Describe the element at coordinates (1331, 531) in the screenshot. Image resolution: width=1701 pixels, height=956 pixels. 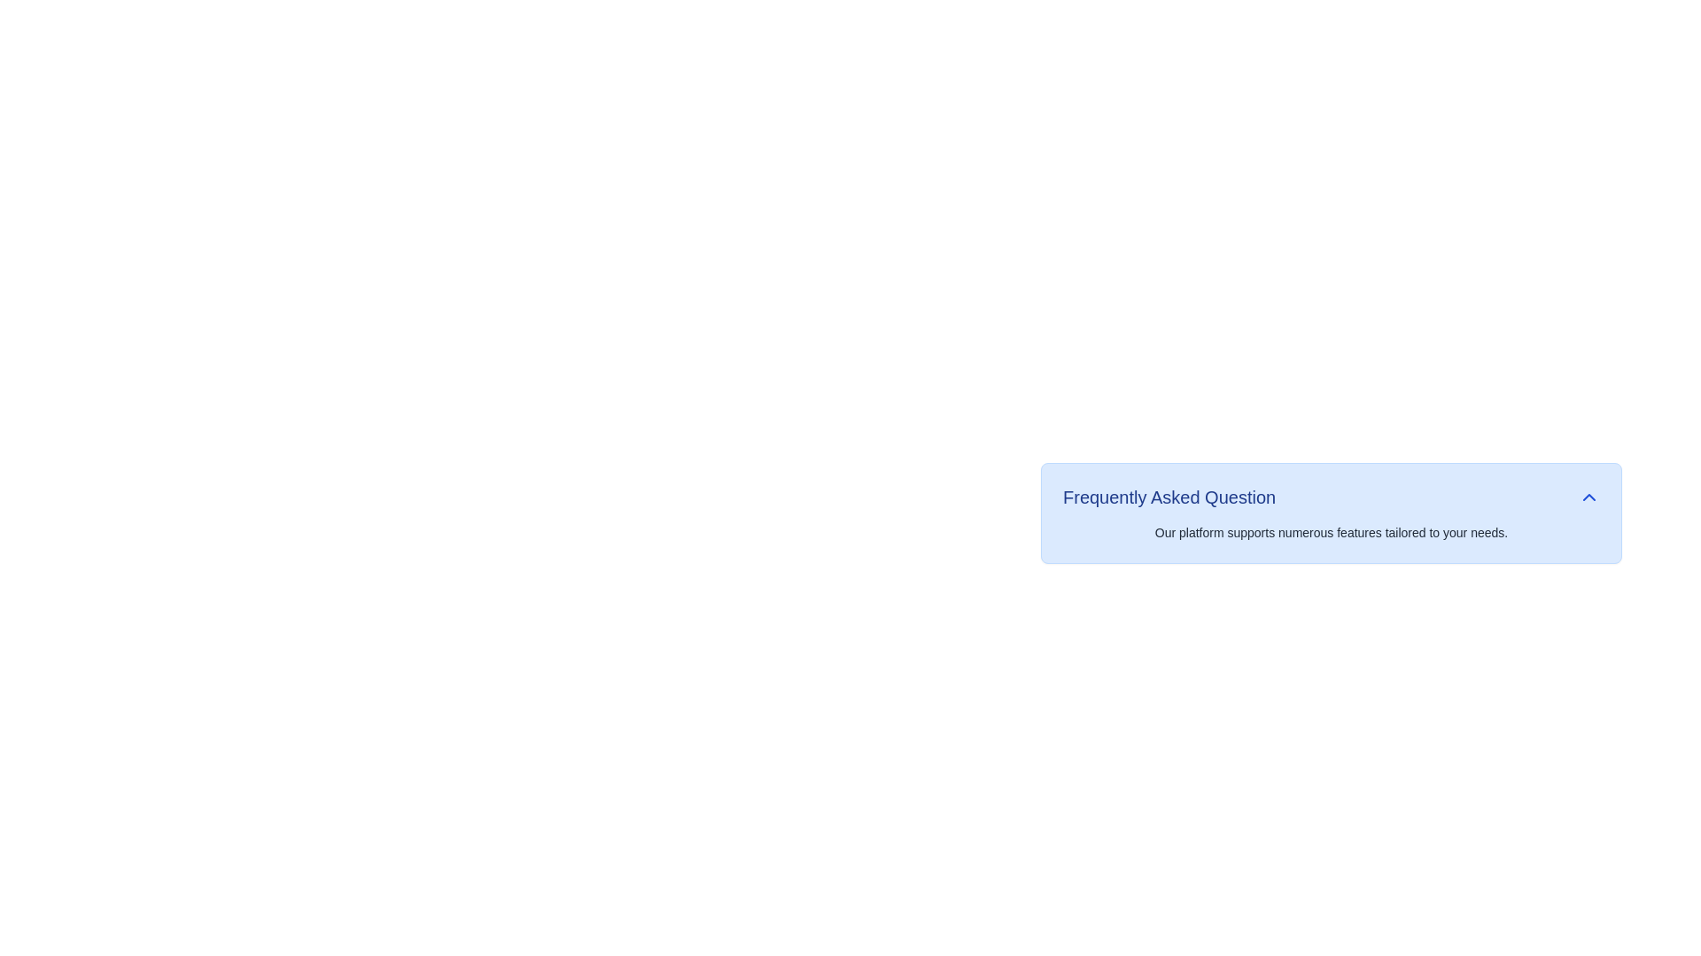
I see `the static text providing additional details related to 'Frequently Asked Question', which is located below the title in the center of a light blue card component` at that location.